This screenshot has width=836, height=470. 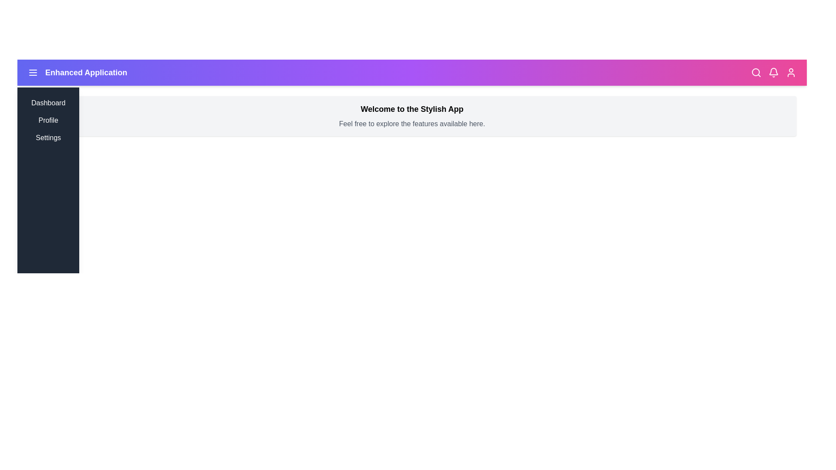 I want to click on the menu item Settings from the sidebar, so click(x=47, y=137).